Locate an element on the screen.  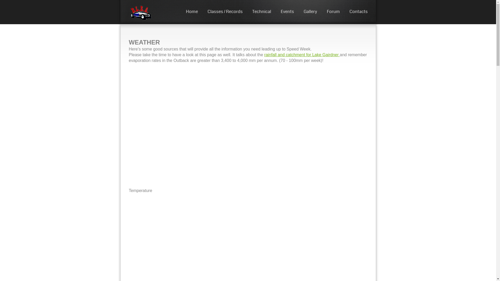
'Home' is located at coordinates (192, 11).